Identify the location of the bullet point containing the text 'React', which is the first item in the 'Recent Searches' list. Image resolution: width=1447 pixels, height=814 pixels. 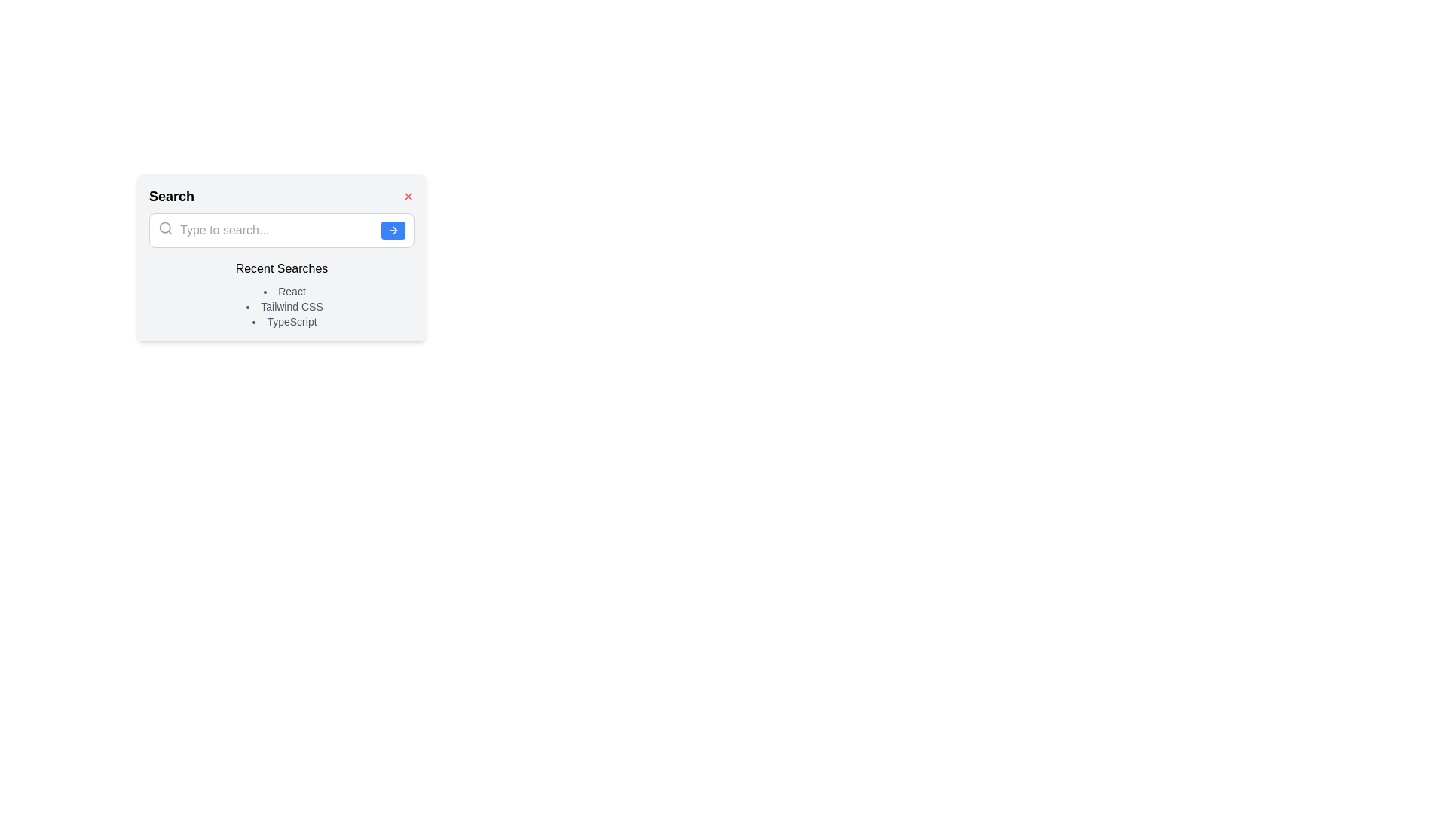
(285, 291).